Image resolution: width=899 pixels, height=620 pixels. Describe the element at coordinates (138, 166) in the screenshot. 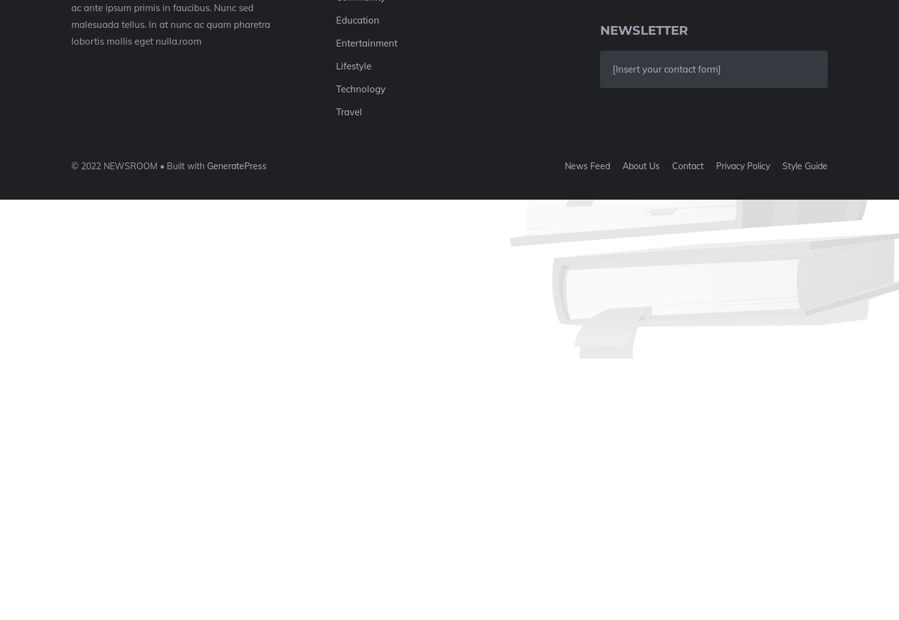

I see `'© 2022 NEWSROOM • Built with'` at that location.